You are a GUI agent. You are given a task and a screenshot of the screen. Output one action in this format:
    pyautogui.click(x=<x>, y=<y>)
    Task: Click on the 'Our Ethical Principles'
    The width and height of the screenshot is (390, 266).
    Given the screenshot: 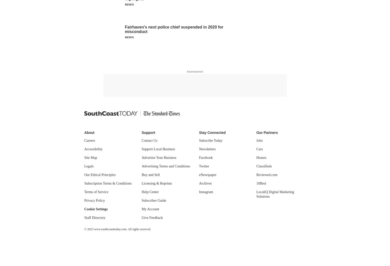 What is the action you would take?
    pyautogui.click(x=100, y=174)
    